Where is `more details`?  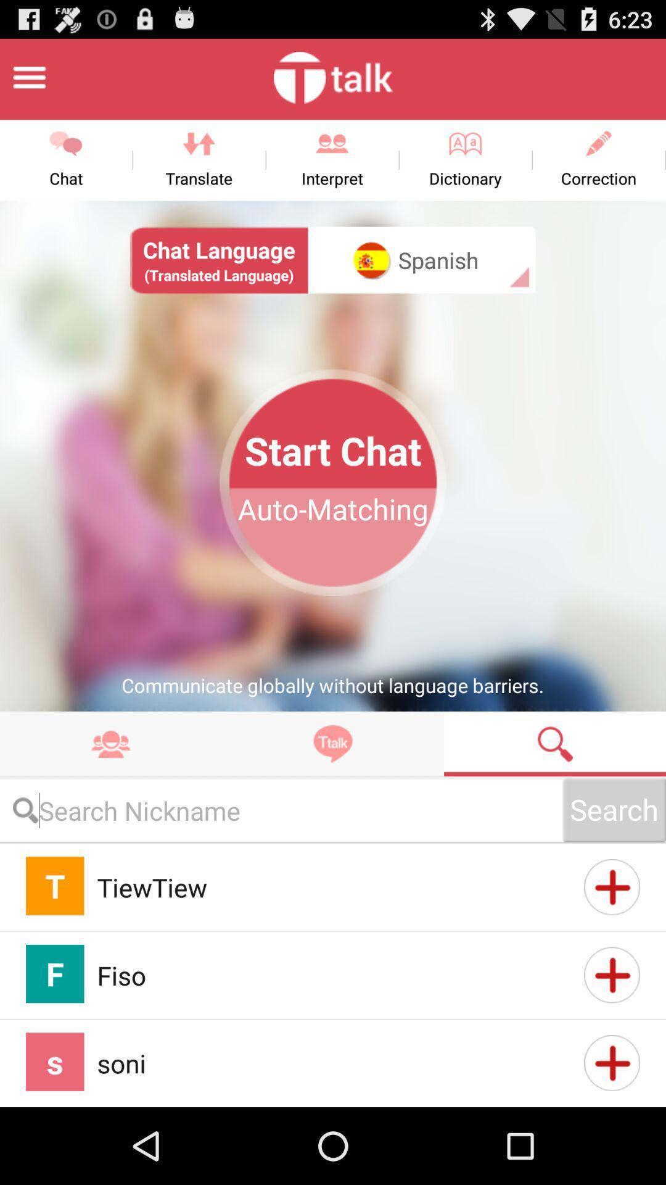 more details is located at coordinates (612, 886).